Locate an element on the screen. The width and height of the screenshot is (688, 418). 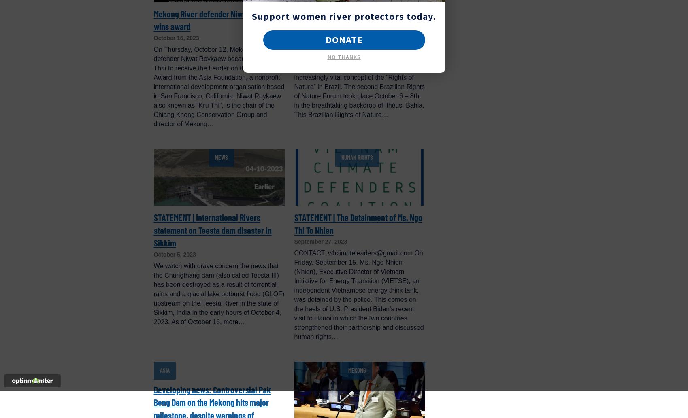
'Asia' is located at coordinates (159, 370).